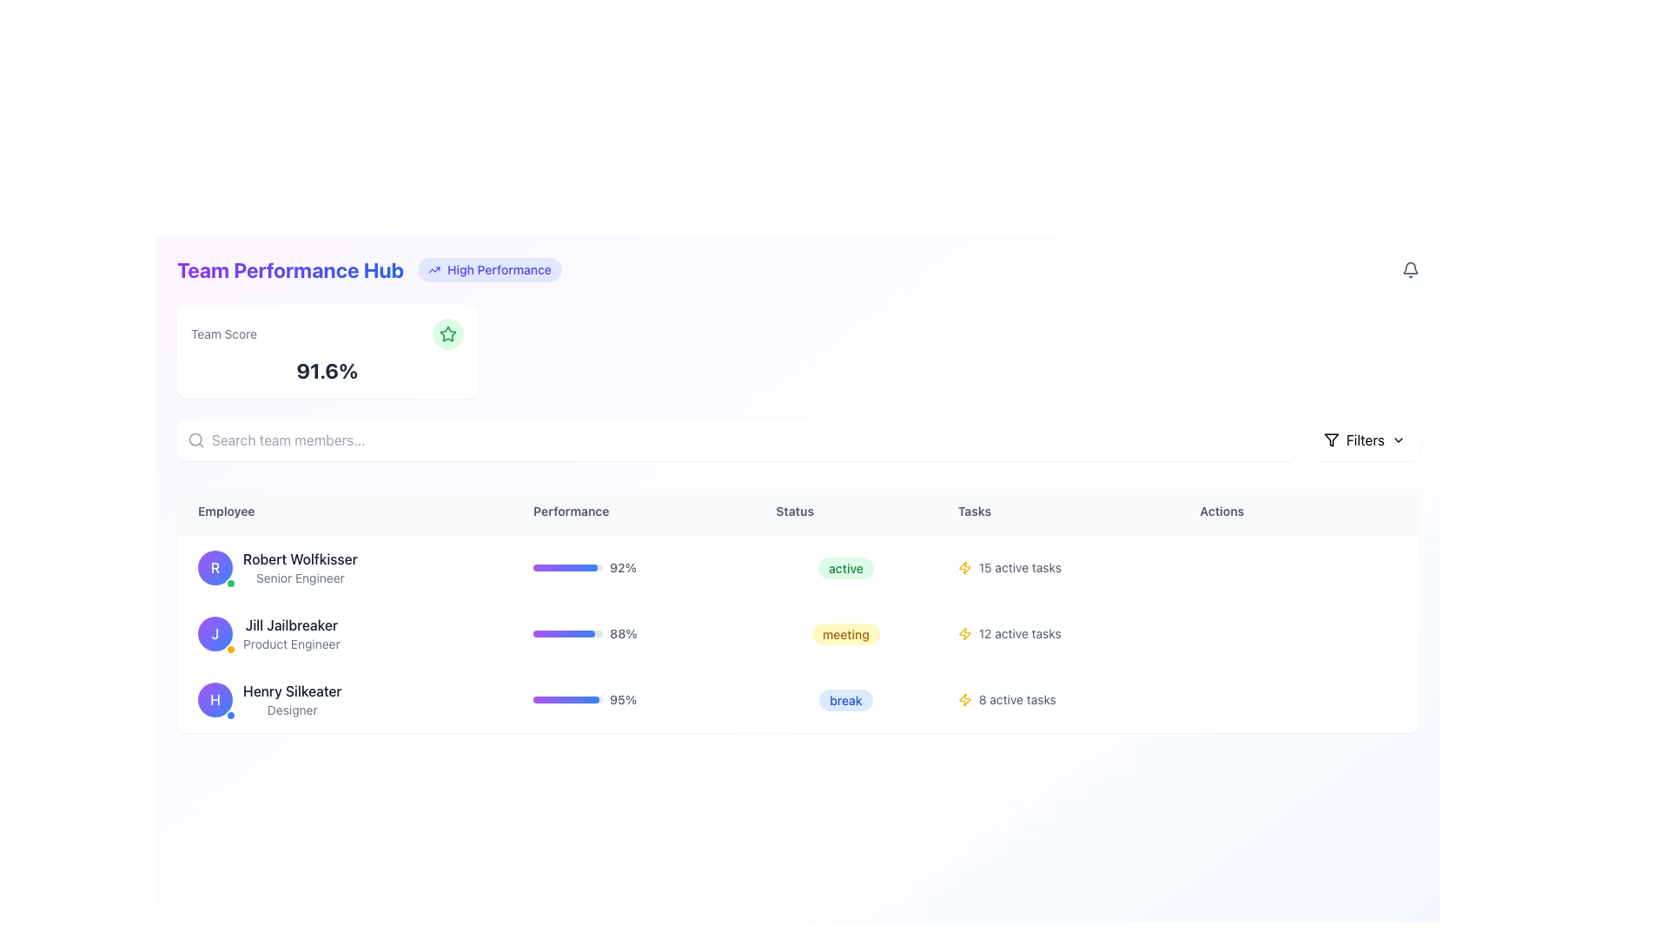 The image size is (1668, 938). I want to click on the 'Filters' button located in the top-right corner of the interface, so click(1363, 439).